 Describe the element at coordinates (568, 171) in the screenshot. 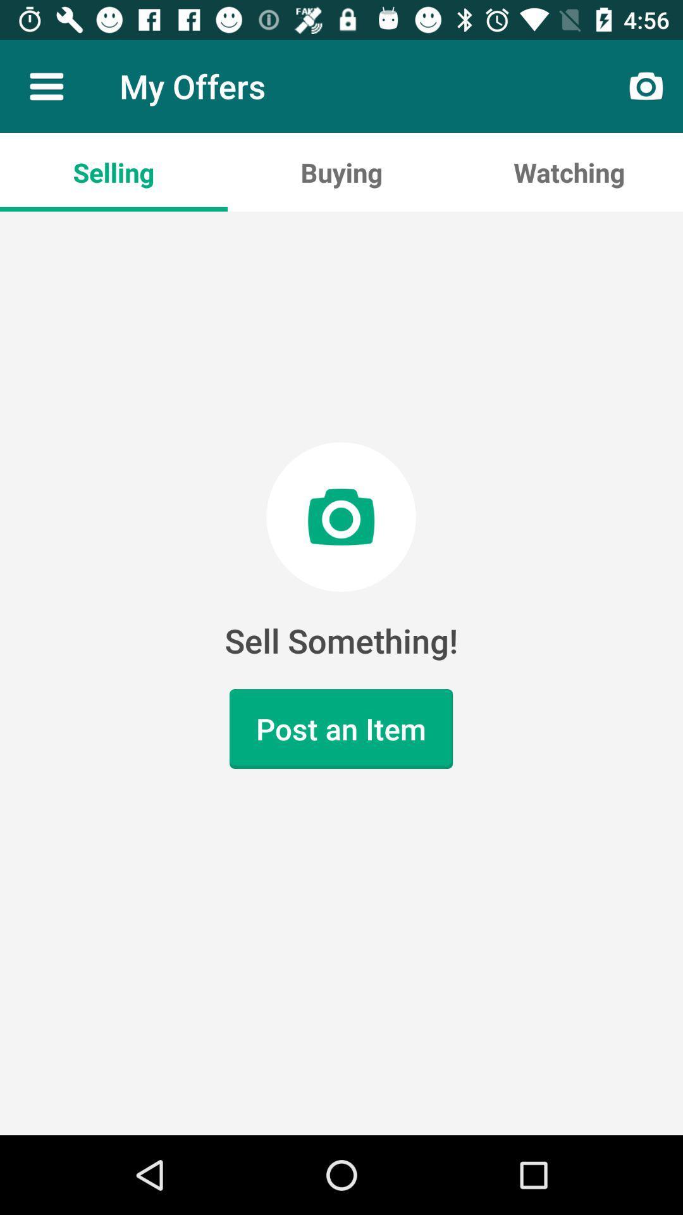

I see `the app next to buying app` at that location.